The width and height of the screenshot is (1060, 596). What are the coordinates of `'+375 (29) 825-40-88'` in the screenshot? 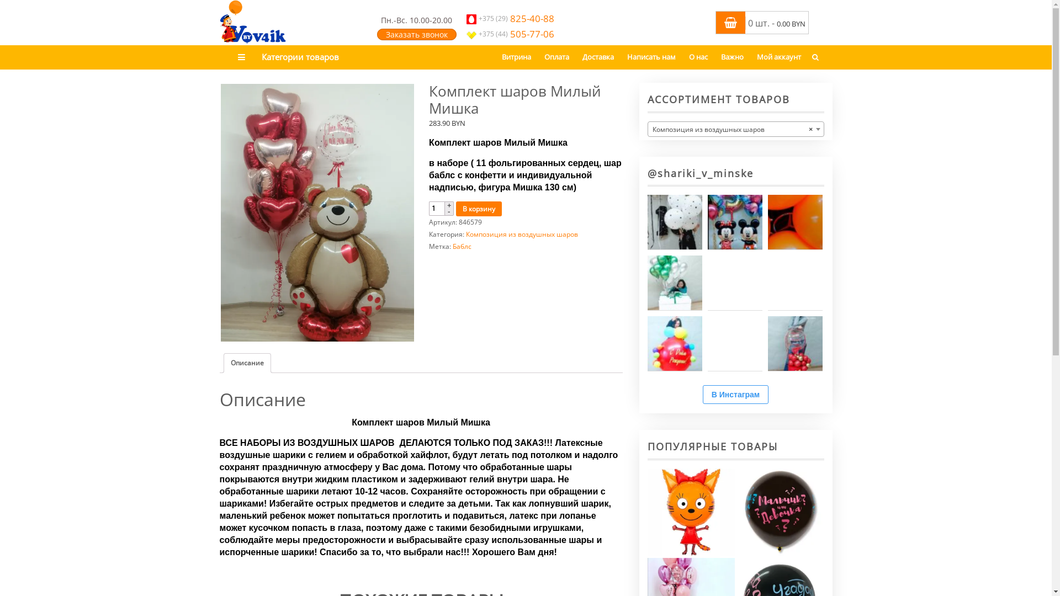 It's located at (509, 18).